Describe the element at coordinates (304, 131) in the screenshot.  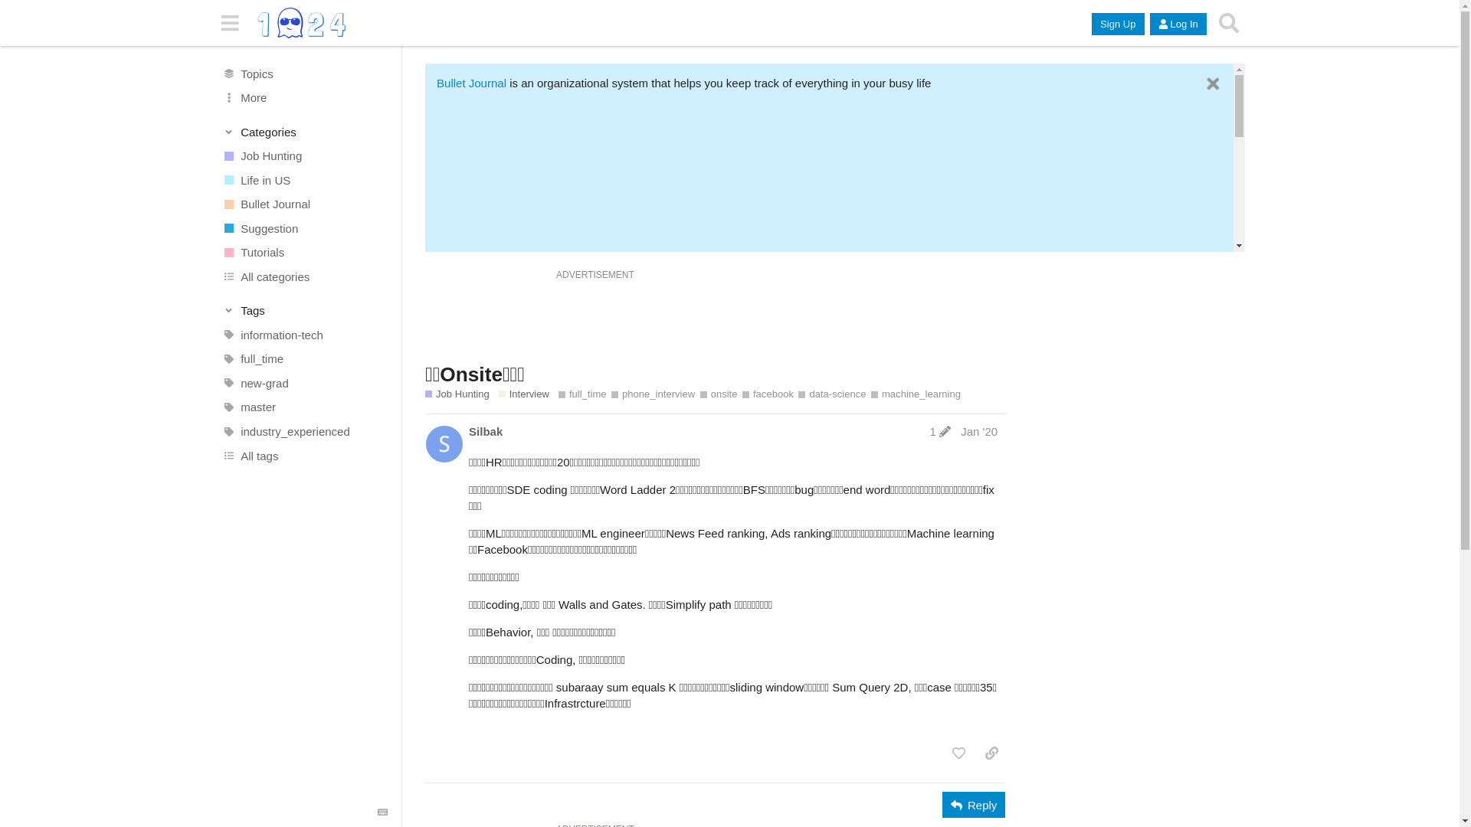
I see `'Categories'` at that location.